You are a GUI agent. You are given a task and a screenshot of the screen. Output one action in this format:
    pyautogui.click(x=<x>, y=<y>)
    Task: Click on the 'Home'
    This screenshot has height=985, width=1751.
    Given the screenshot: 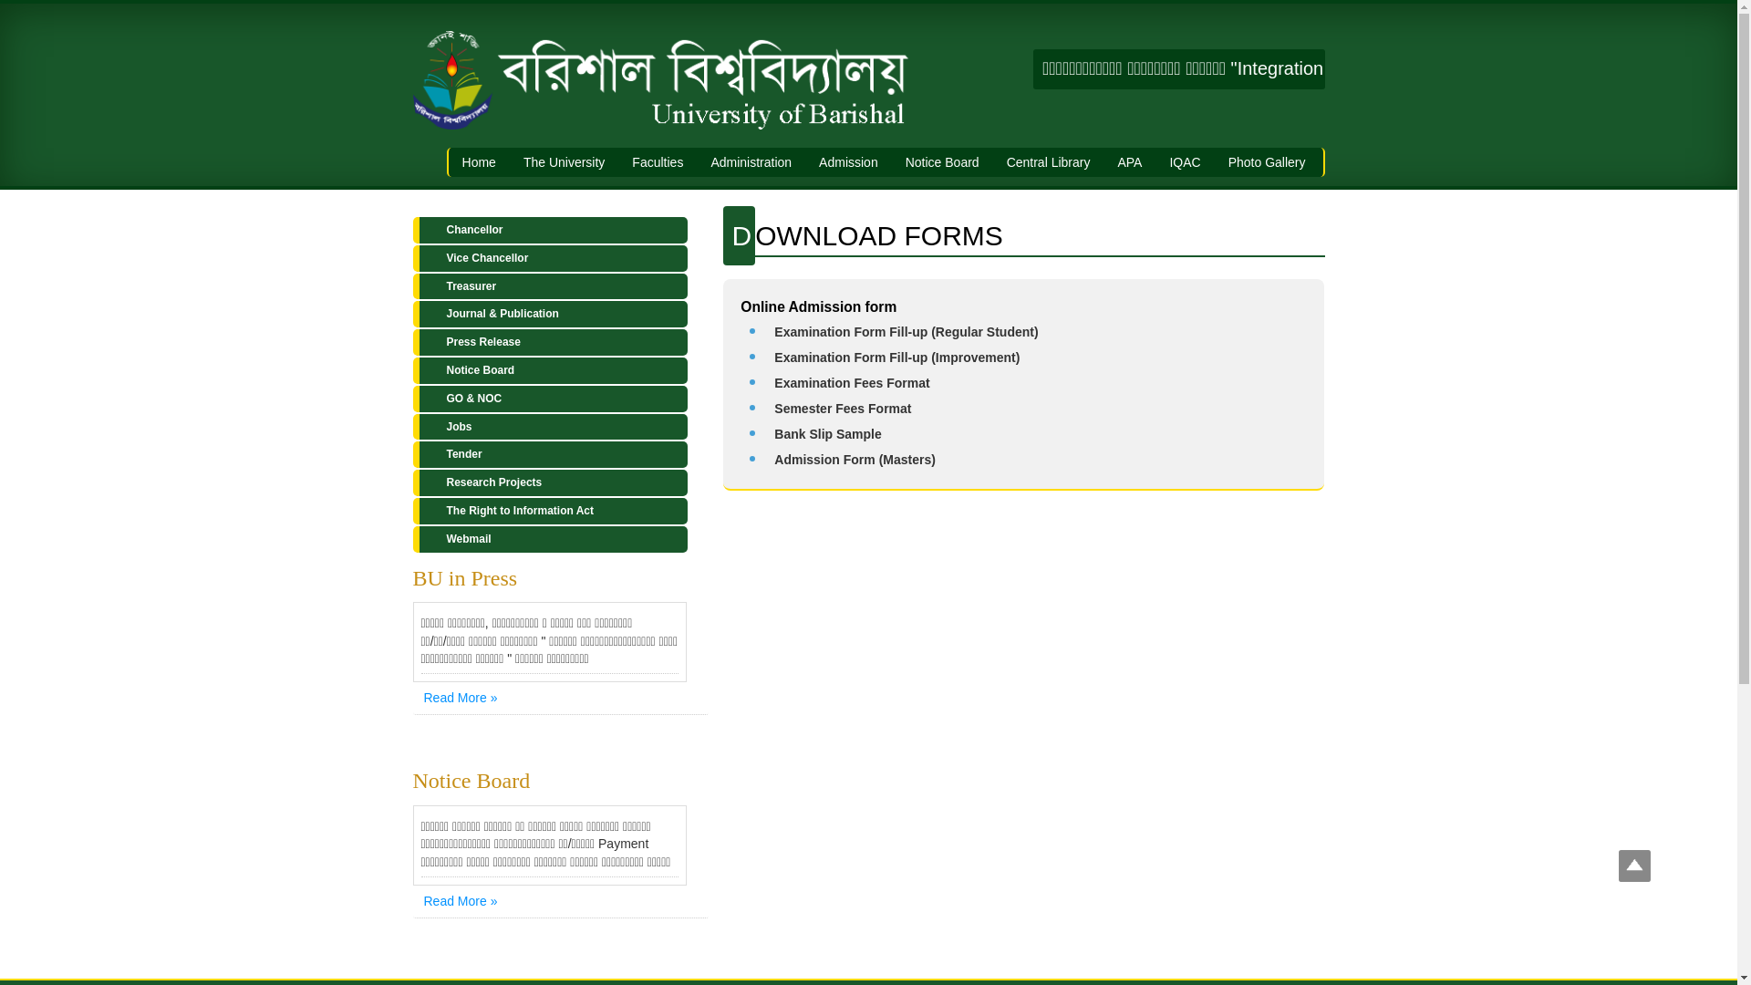 What is the action you would take?
    pyautogui.click(x=479, y=161)
    